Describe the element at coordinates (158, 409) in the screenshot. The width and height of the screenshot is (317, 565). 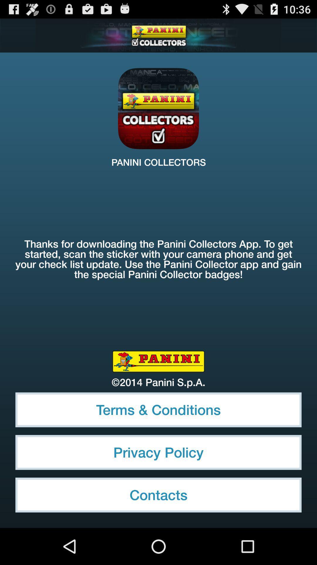
I see `item above the privacy policy icon` at that location.